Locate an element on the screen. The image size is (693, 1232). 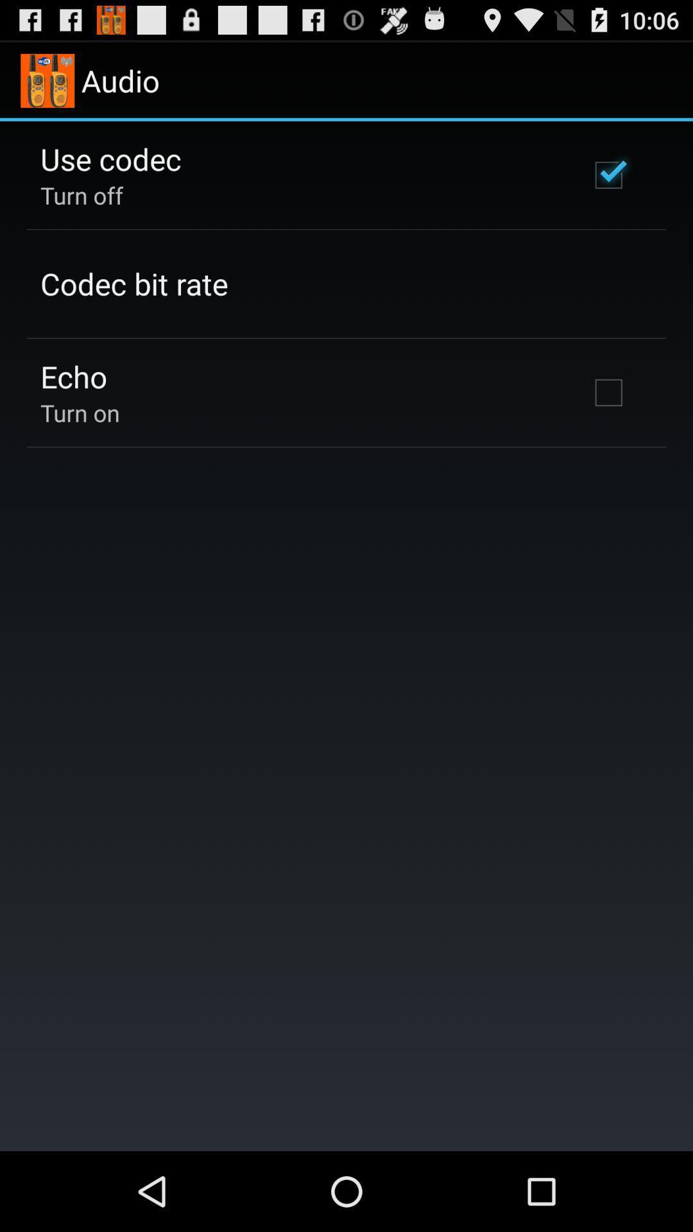
item above the turn on item is located at coordinates (74, 375).